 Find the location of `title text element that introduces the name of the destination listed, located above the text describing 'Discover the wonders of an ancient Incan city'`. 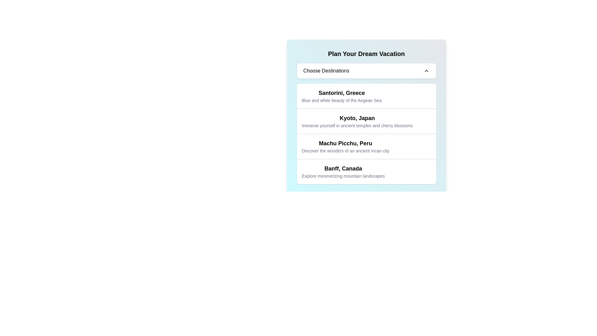

title text element that introduces the name of the destination listed, located above the text describing 'Discover the wonders of an ancient Incan city' is located at coordinates (345, 143).